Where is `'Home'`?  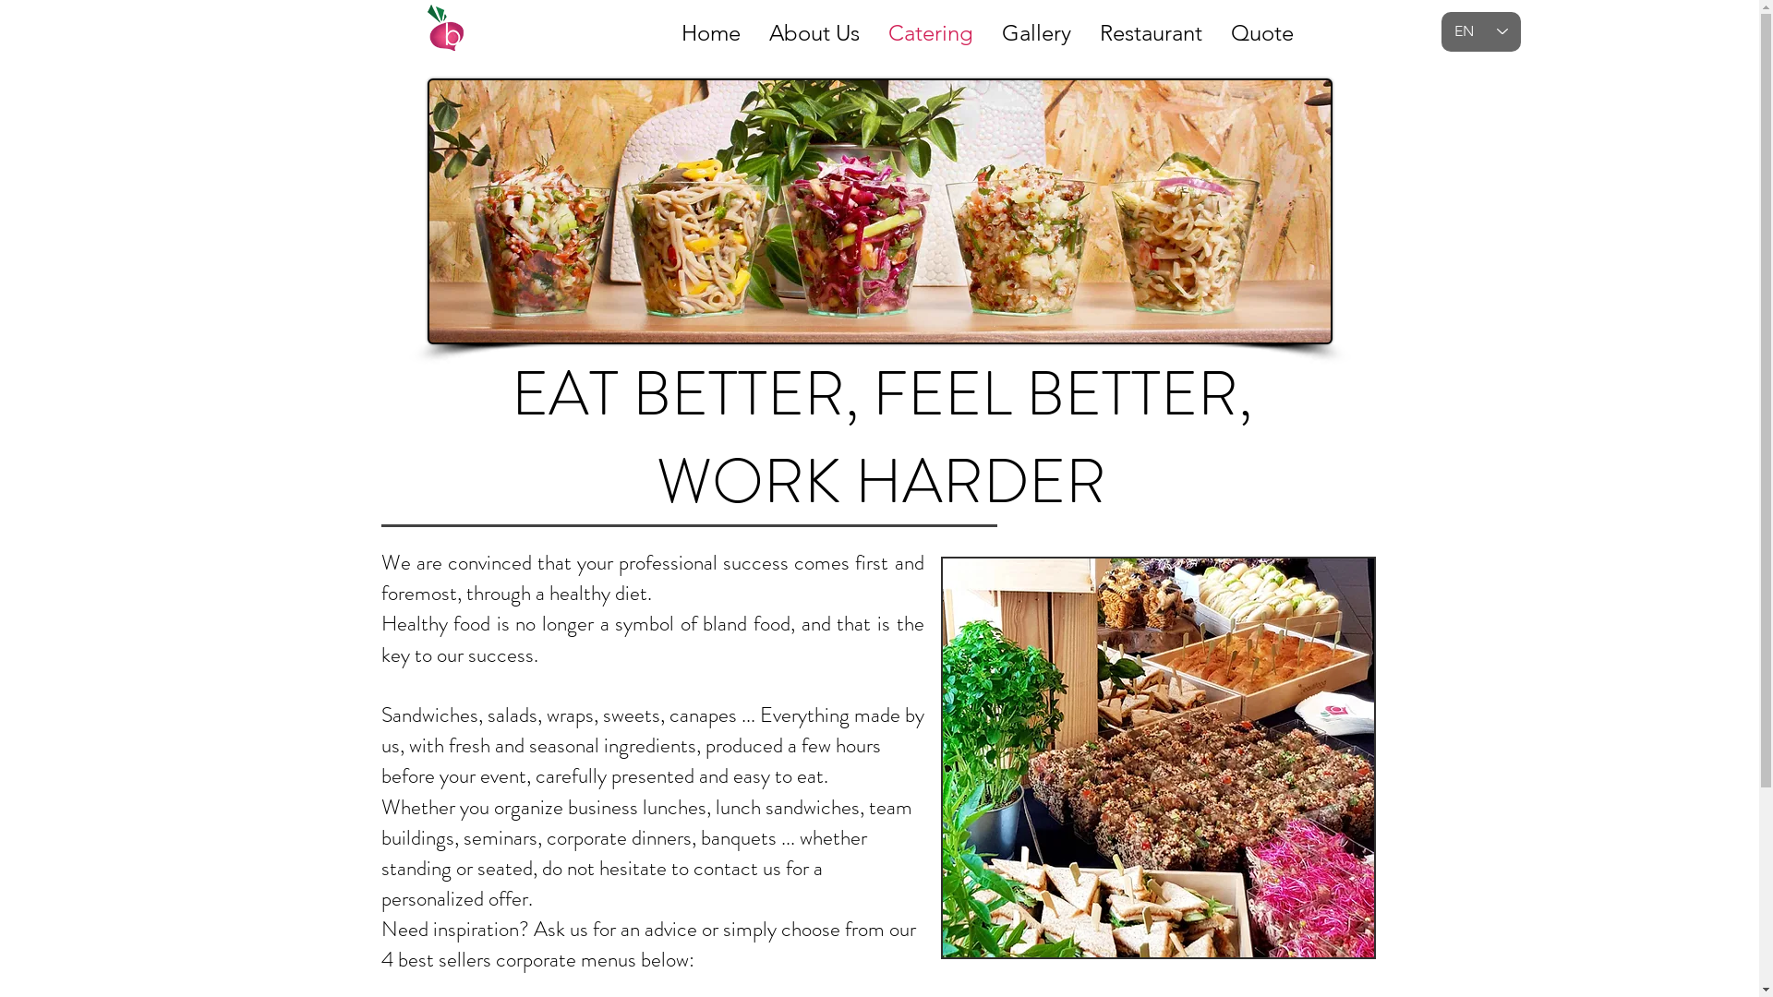
'Home' is located at coordinates (708, 28).